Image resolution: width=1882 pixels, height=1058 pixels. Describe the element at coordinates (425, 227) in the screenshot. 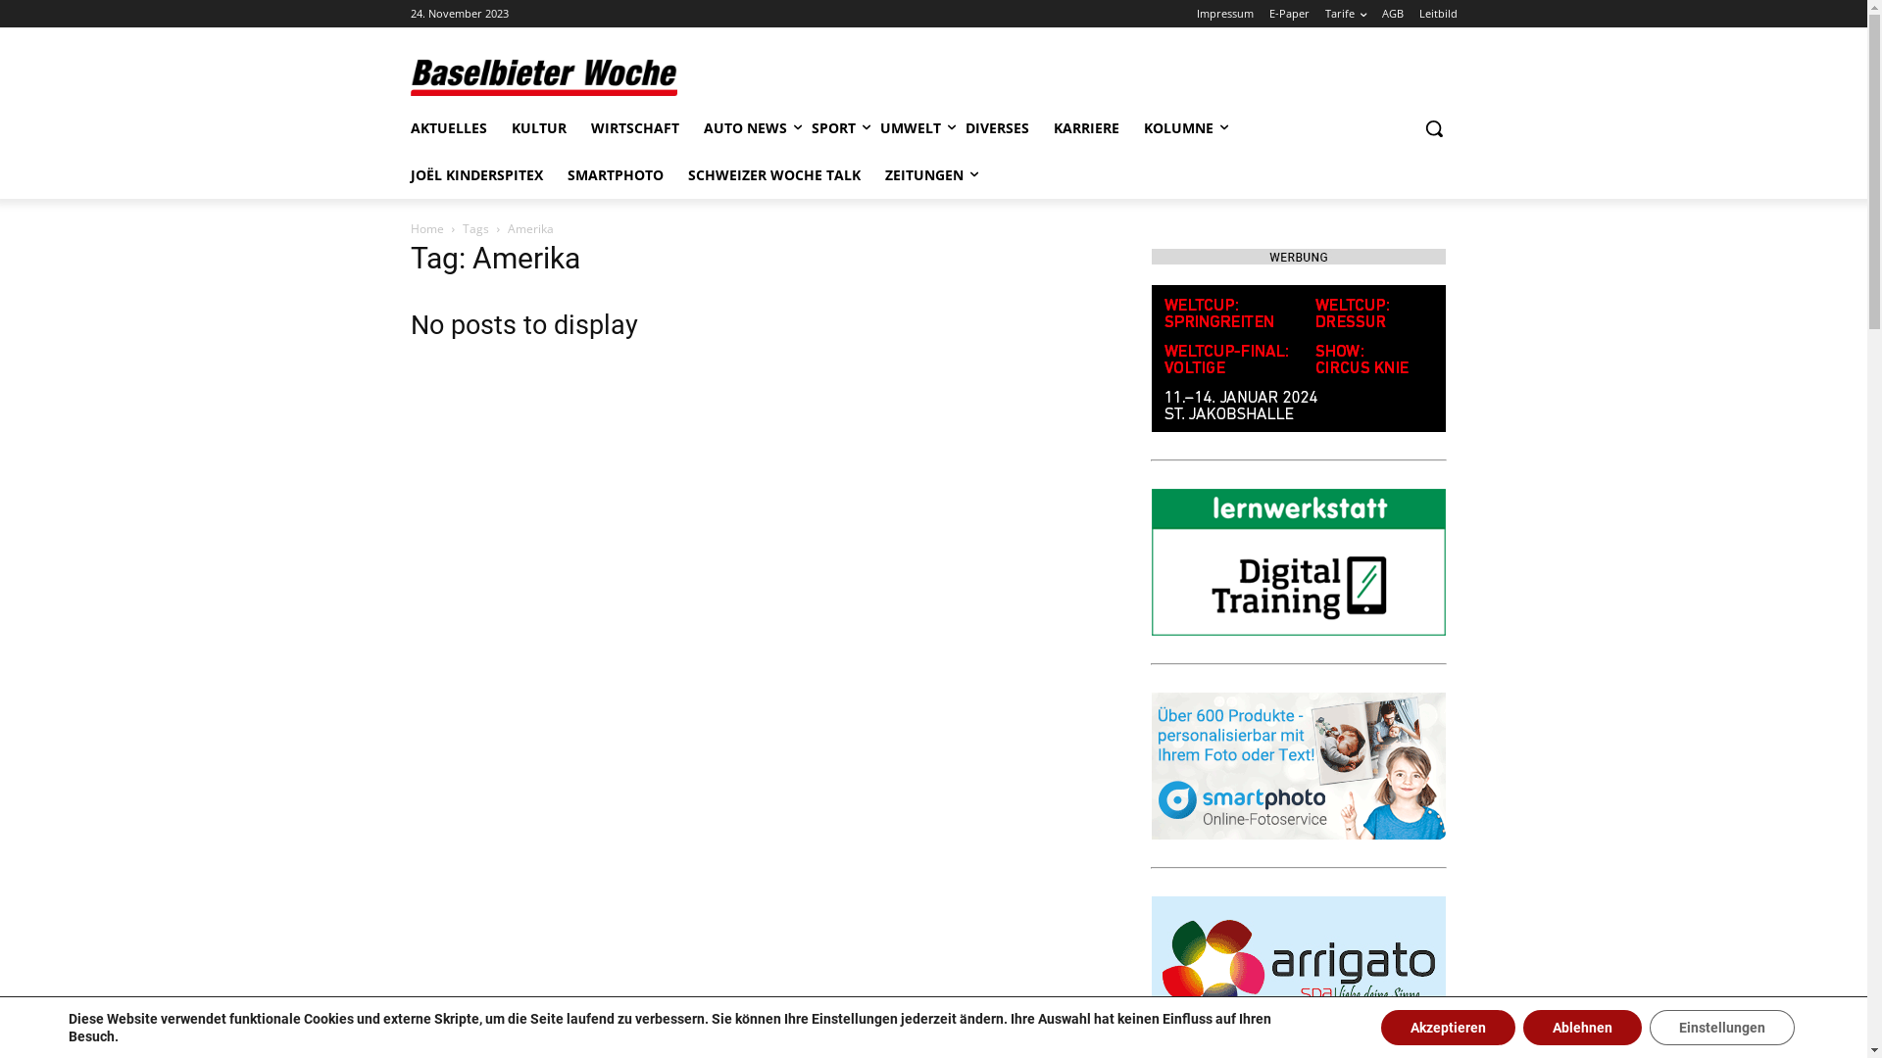

I see `'Home'` at that location.